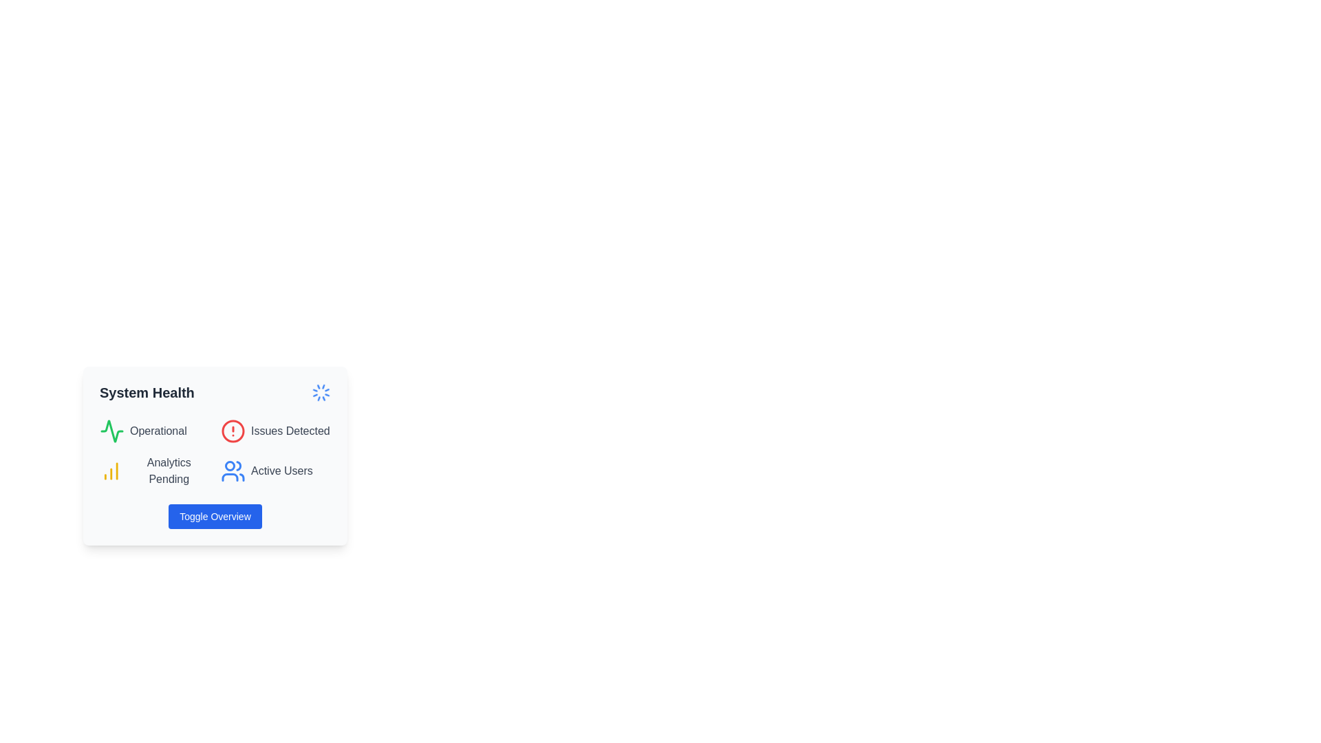  I want to click on the 'Active Users' label with a blue user icon, which is the fourth item in the grid layout, located in the bottom-right quadrant beneath 'Issues Detected', so click(275, 471).